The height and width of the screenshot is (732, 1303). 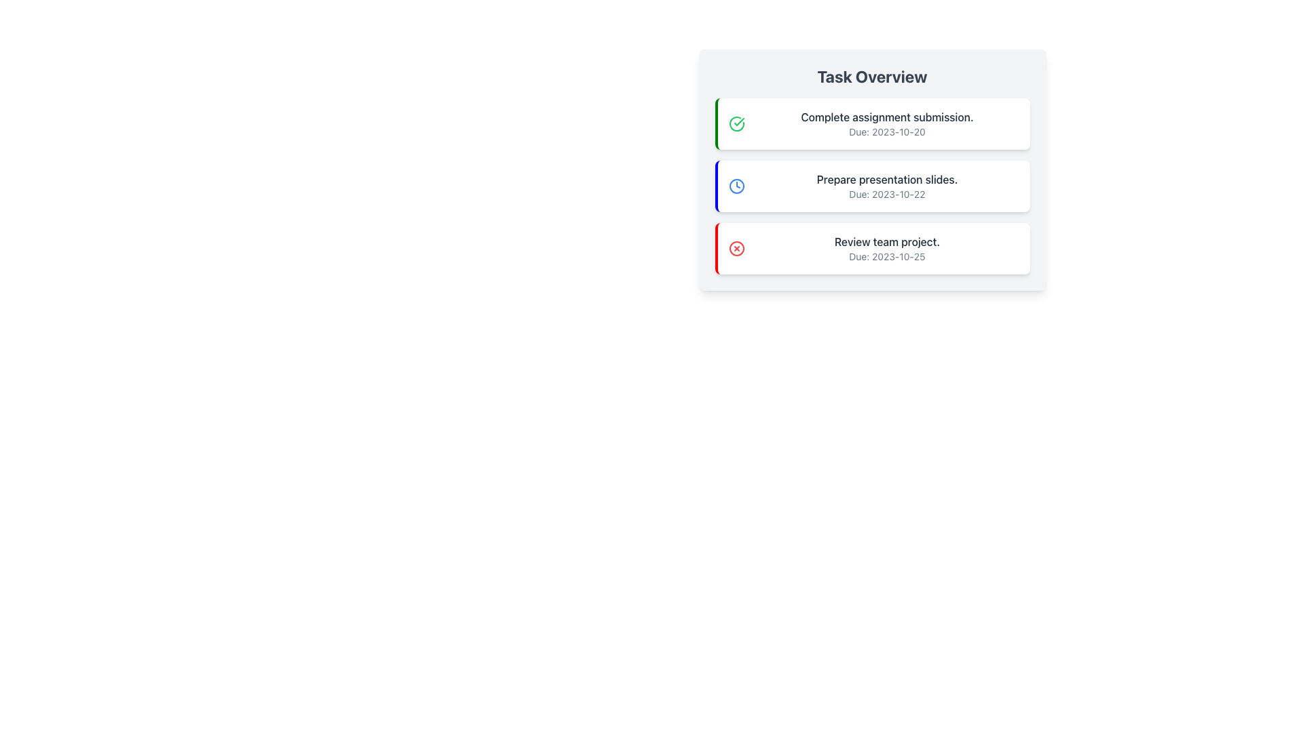 What do you see at coordinates (872, 186) in the screenshot?
I see `the Card element displaying the task 'Prepare presentation slides.' with due date 'Due: 2023-10-22', which is the second item in the task list under 'Task Overview'` at bounding box center [872, 186].